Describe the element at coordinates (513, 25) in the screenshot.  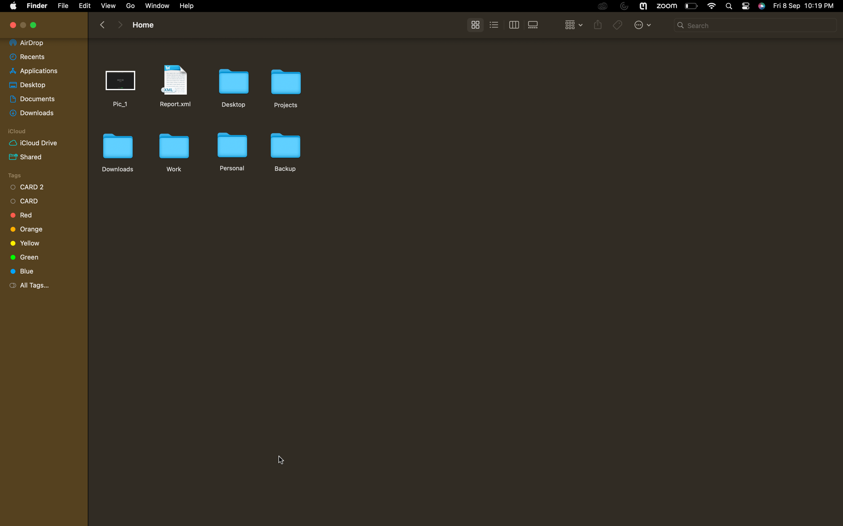
I see `tab view` at that location.